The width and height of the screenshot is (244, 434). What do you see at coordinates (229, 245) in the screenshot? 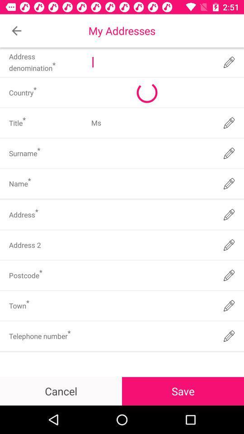
I see `the edit icon beside text the address 2` at bounding box center [229, 245].